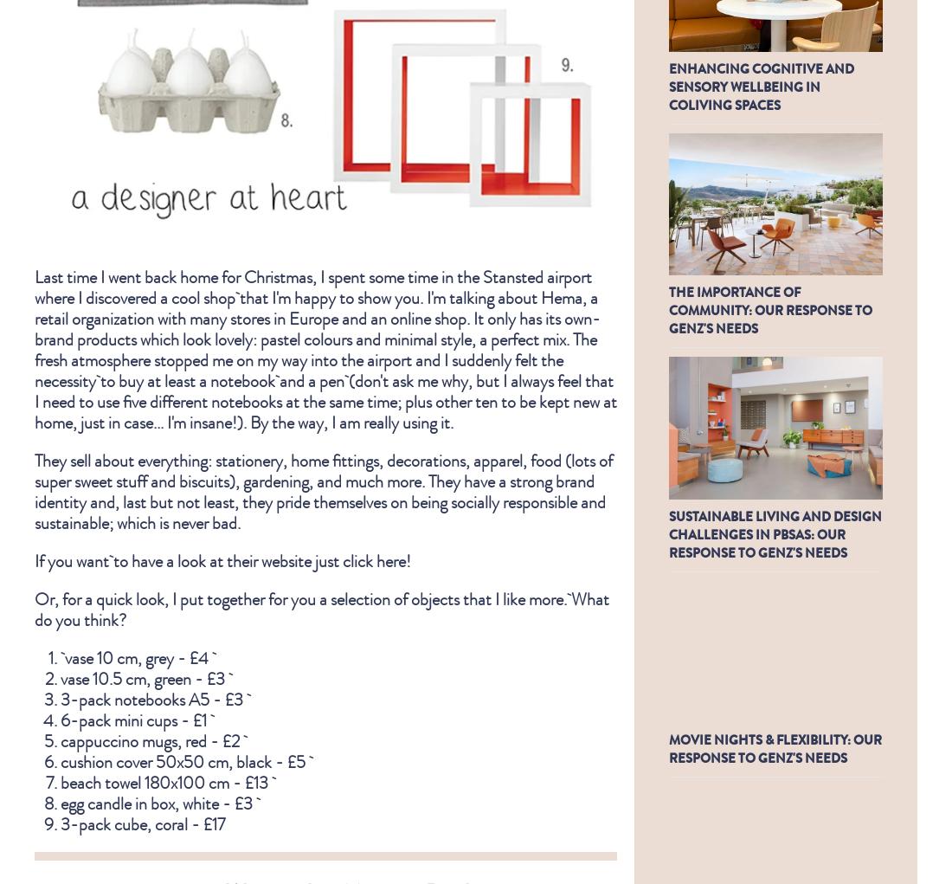  Describe the element at coordinates (59, 759) in the screenshot. I see `'cushion cover 50x50 cm, black - £5'` at that location.